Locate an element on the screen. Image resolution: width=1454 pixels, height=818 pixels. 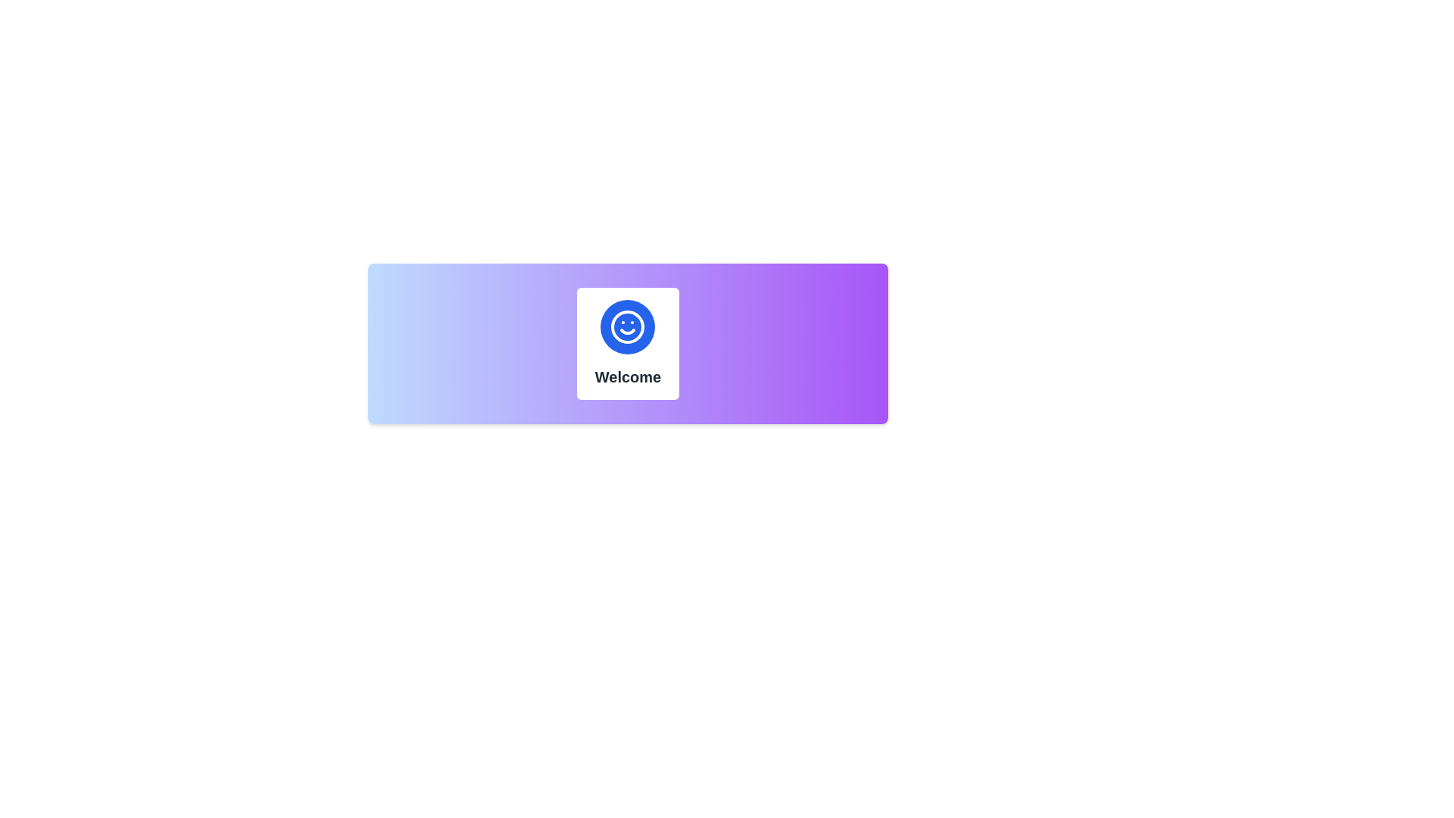
the decorative SVG icon symbolizing positivity, located in the header section above the 'Welcome' text is located at coordinates (628, 326).